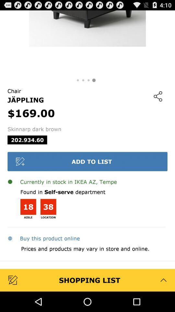 This screenshot has width=175, height=312. I want to click on or view picture, so click(87, 43).